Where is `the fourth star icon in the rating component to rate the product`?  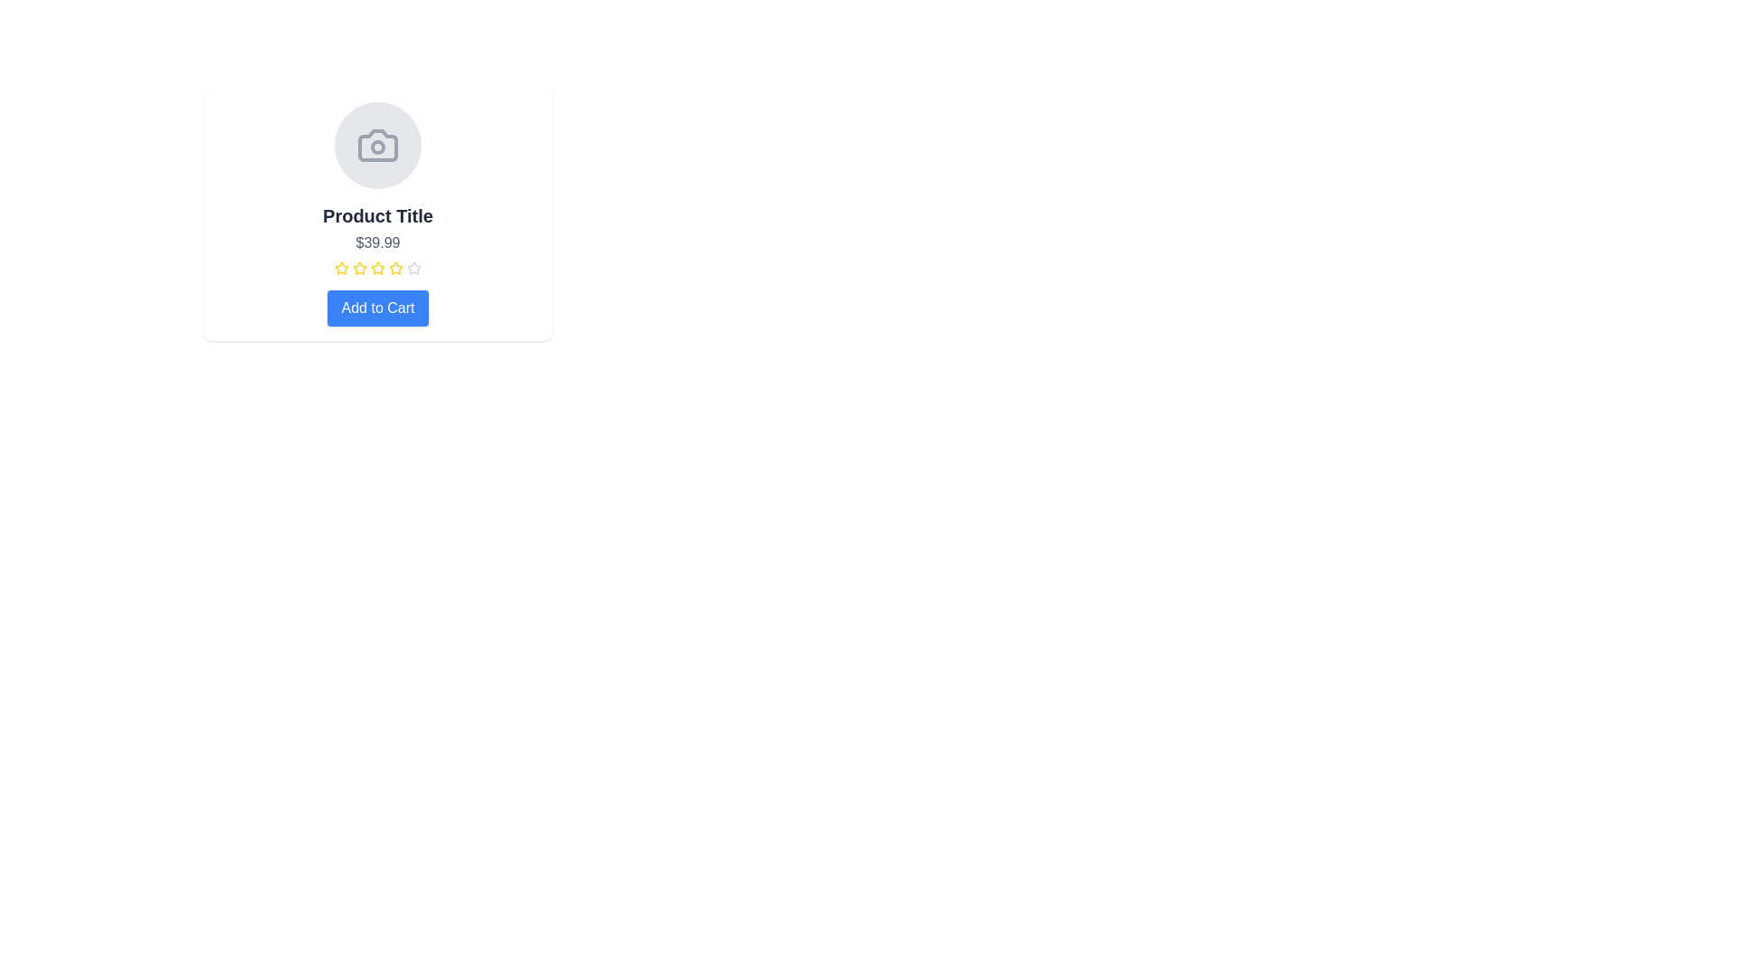
the fourth star icon in the rating component to rate the product is located at coordinates (376, 269).